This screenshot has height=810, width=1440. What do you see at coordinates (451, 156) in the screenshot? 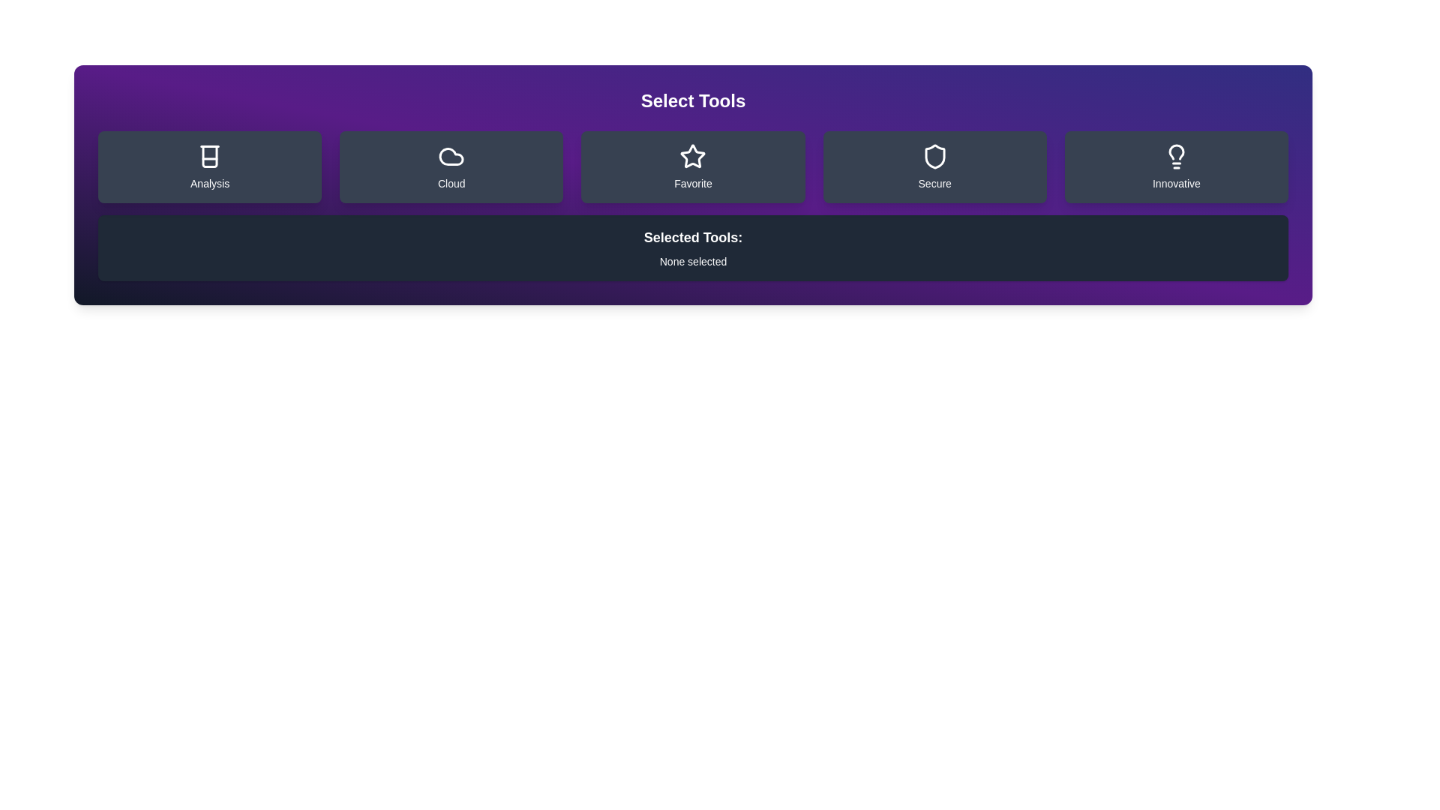
I see `the cloud icon, which is the primary visual component of the 'Cloud' button located second from the left in the top row of buttons` at bounding box center [451, 156].